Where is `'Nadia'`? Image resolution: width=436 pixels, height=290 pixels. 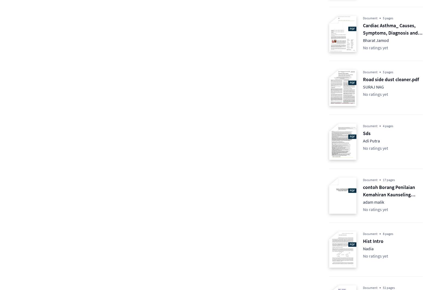
'Nadia' is located at coordinates (363, 249).